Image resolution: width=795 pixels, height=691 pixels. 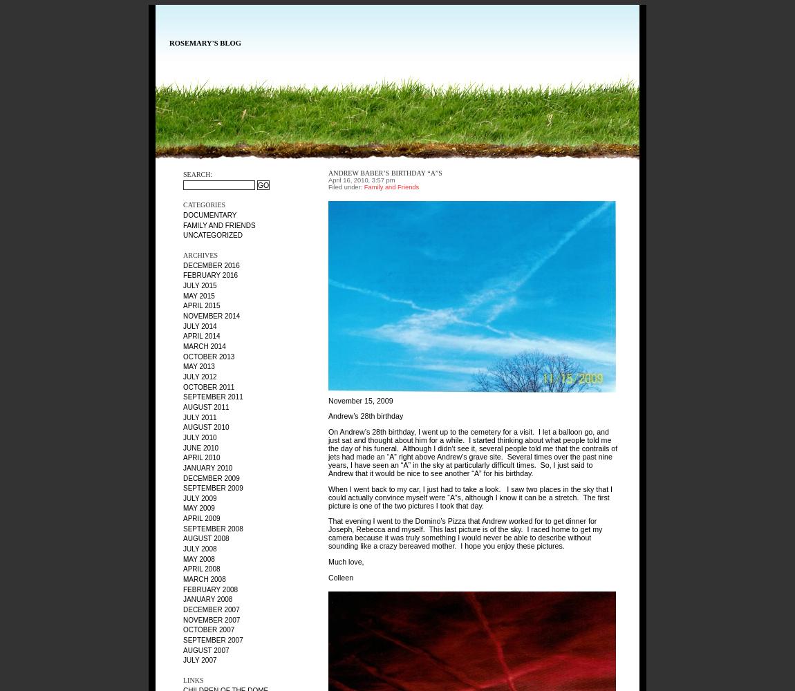 I want to click on 'November 2007', so click(x=212, y=619).